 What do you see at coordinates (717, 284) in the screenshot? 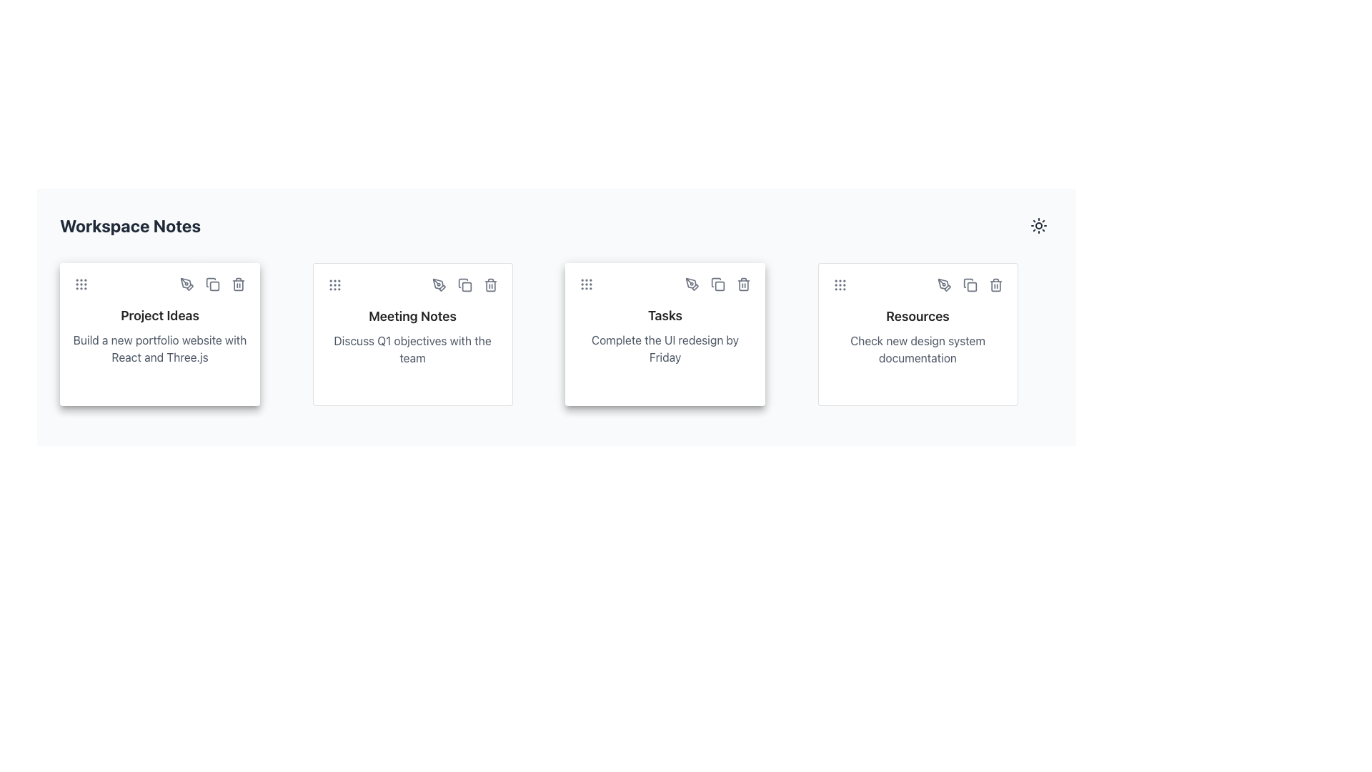
I see `the copy icon located within the control strip of the 'Tasks' card, which is positioned as the second icon from the right` at bounding box center [717, 284].